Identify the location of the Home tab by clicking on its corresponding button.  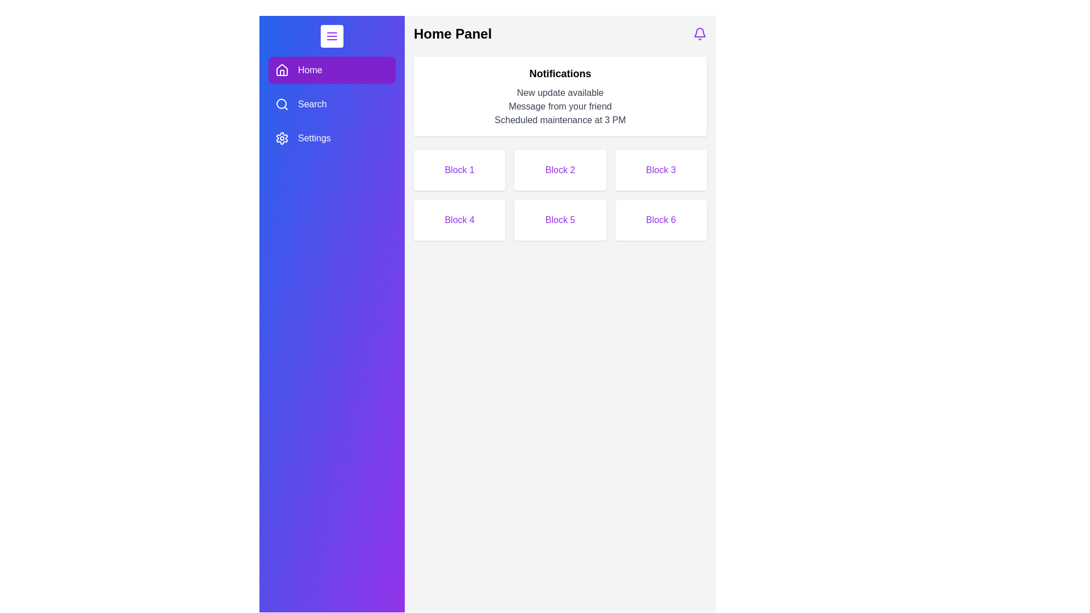
(332, 70).